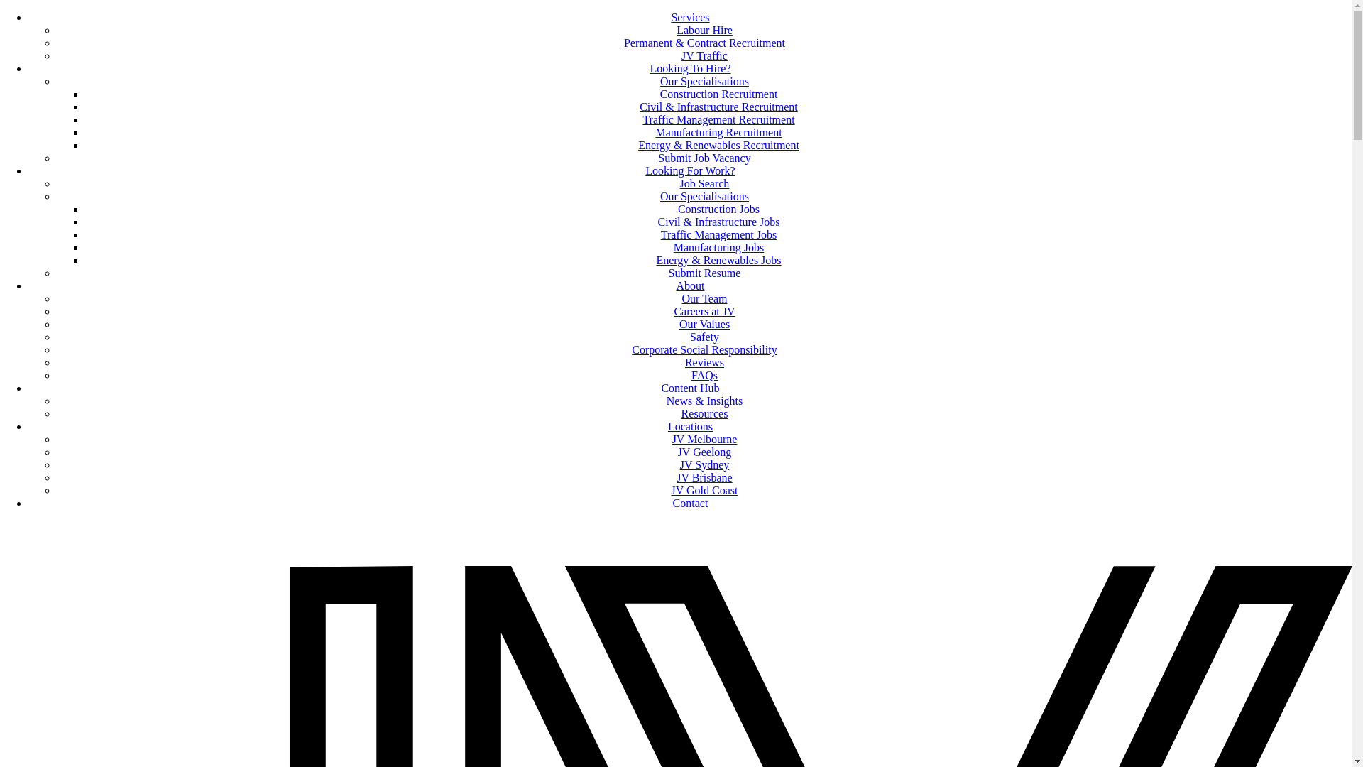  I want to click on 'Our Specialisations', so click(704, 196).